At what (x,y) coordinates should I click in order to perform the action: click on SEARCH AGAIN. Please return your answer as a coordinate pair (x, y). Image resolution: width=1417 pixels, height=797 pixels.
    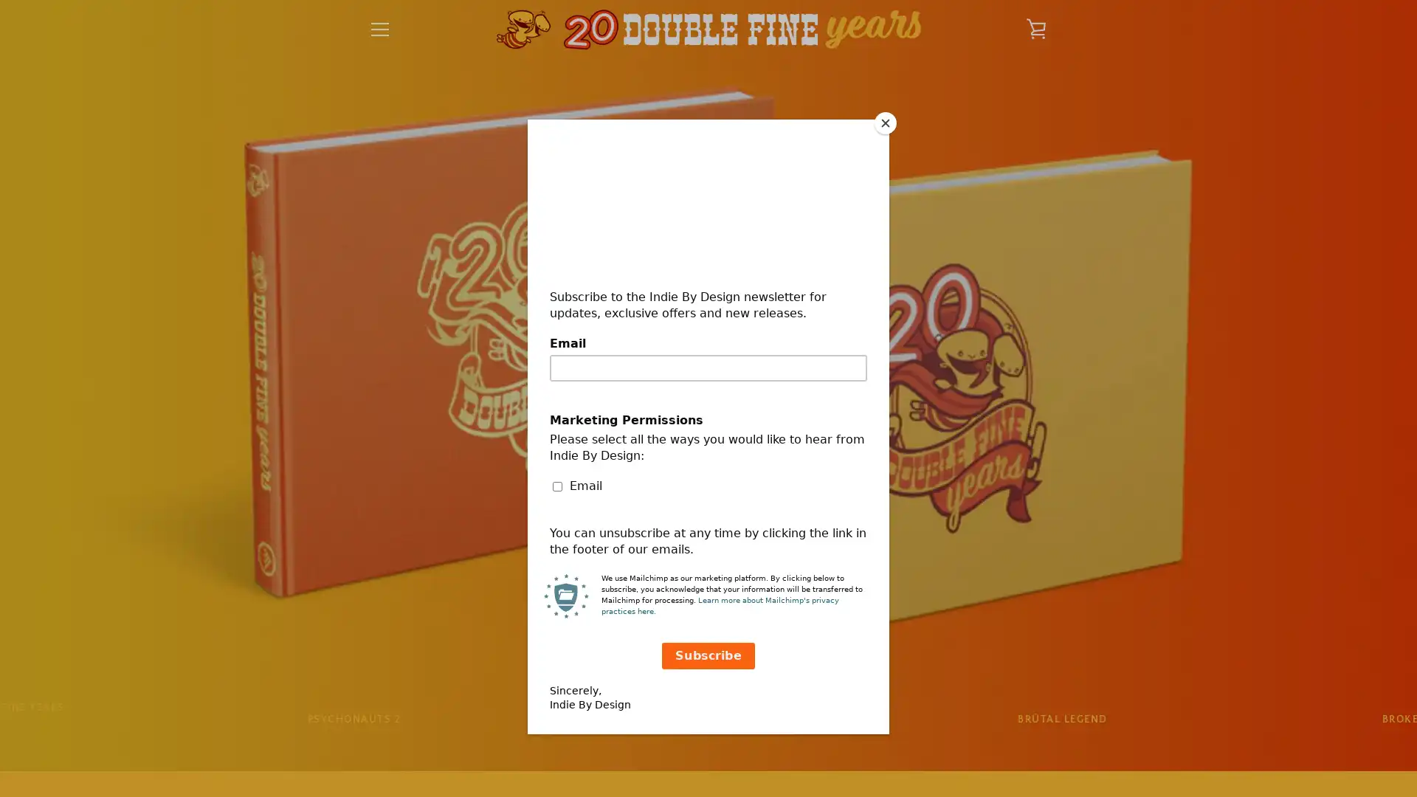
    Looking at the image, I should click on (778, 582).